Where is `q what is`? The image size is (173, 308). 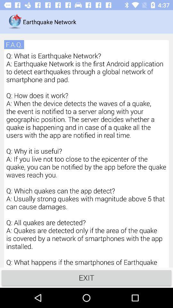 q what is is located at coordinates (86, 159).